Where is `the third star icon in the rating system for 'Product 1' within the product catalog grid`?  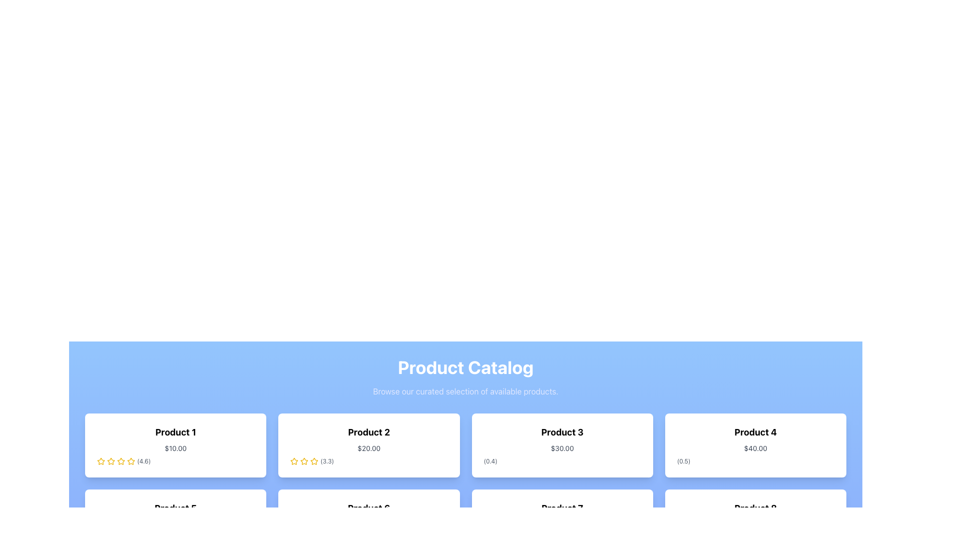
the third star icon in the rating system for 'Product 1' within the product catalog grid is located at coordinates (111, 461).